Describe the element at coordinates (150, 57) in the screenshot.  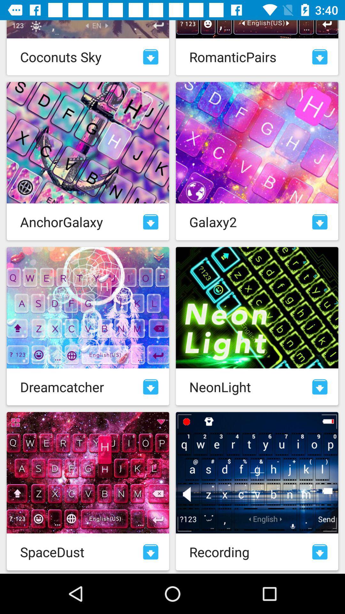
I see `download skin` at that location.